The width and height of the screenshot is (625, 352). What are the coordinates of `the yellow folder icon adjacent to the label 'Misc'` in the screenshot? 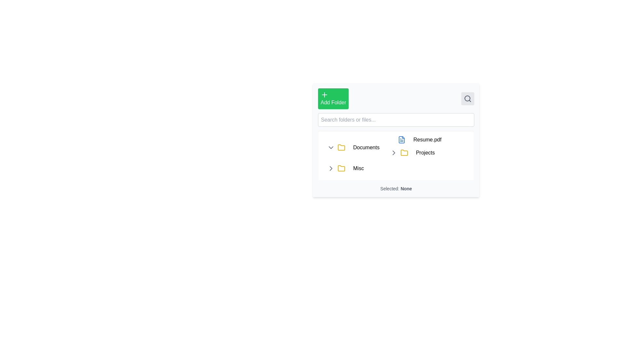 It's located at (341, 168).